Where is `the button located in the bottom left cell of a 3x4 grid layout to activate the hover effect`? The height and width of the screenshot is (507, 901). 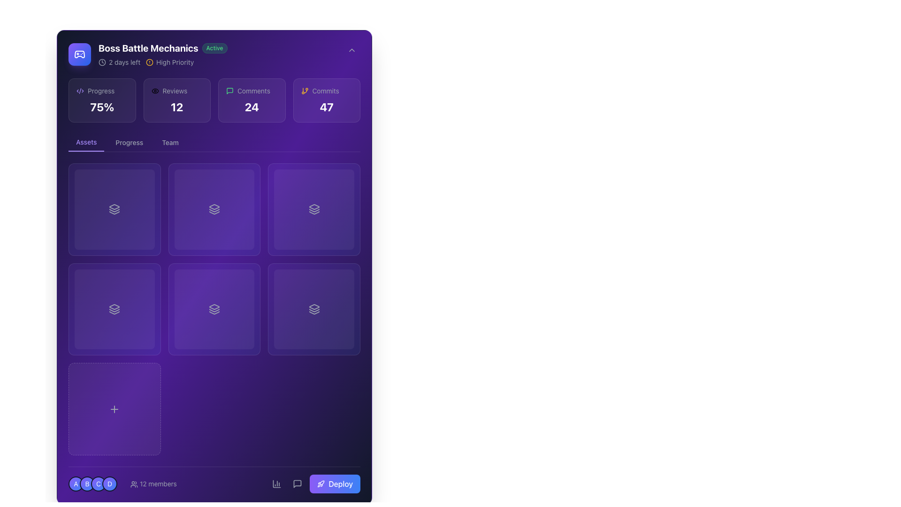 the button located in the bottom left cell of a 3x4 grid layout to activate the hover effect is located at coordinates (114, 408).